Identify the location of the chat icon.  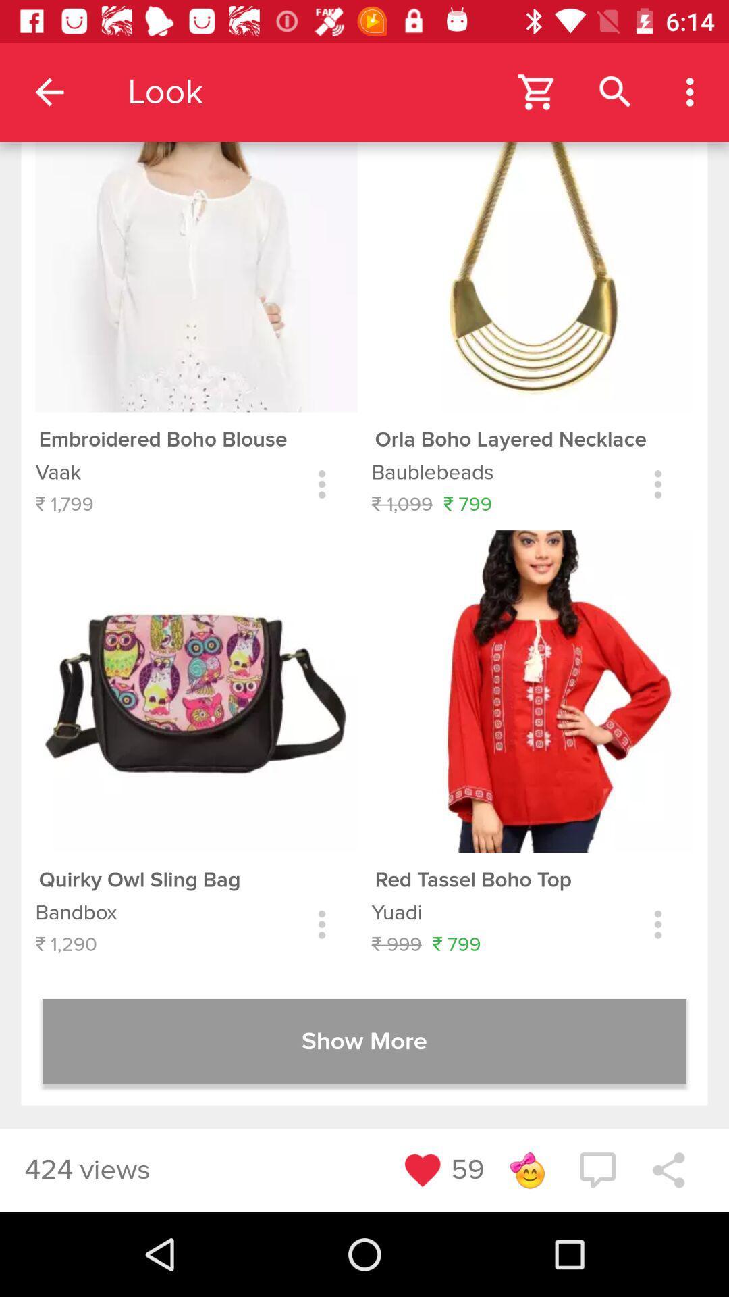
(597, 1169).